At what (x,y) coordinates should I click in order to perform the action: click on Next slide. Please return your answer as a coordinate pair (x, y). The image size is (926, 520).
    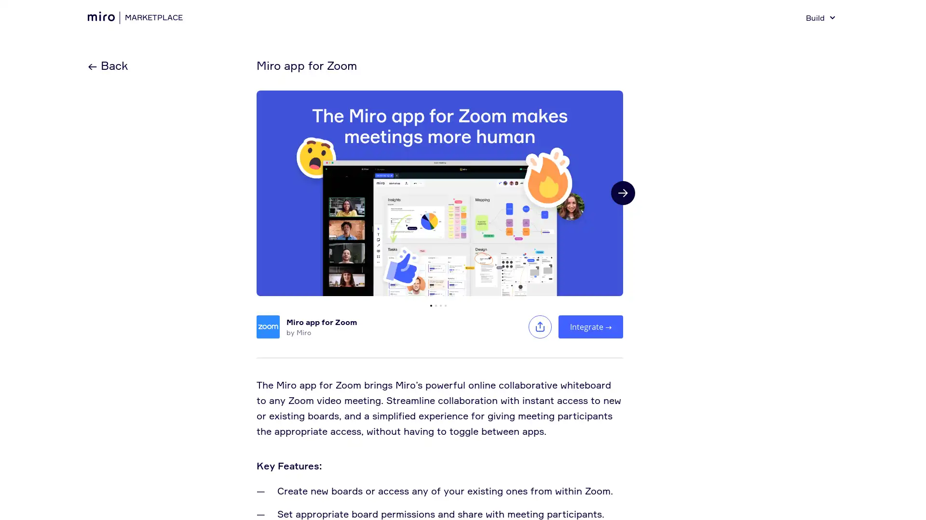
    Looking at the image, I should click on (623, 193).